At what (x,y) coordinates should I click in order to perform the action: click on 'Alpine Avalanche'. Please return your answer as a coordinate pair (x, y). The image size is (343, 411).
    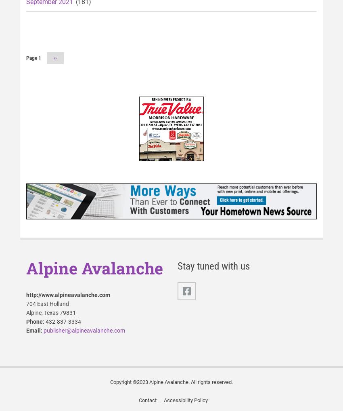
    Looking at the image, I should click on (94, 268).